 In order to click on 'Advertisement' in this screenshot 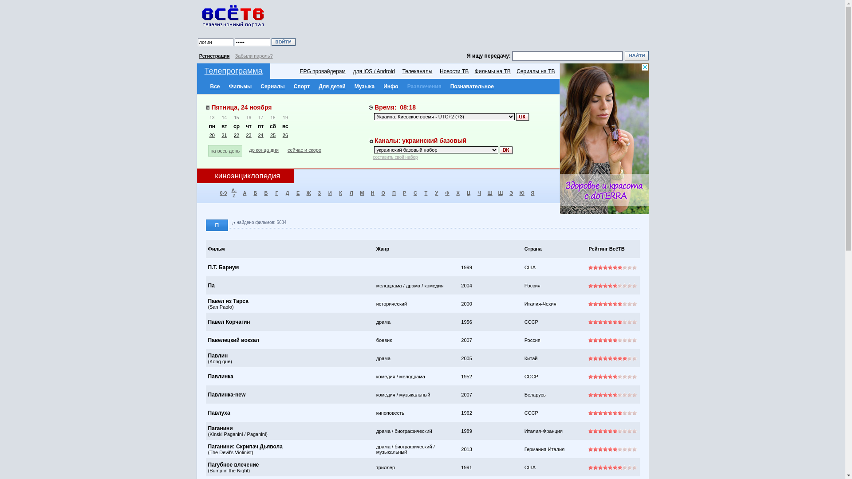, I will do `click(473, 26)`.